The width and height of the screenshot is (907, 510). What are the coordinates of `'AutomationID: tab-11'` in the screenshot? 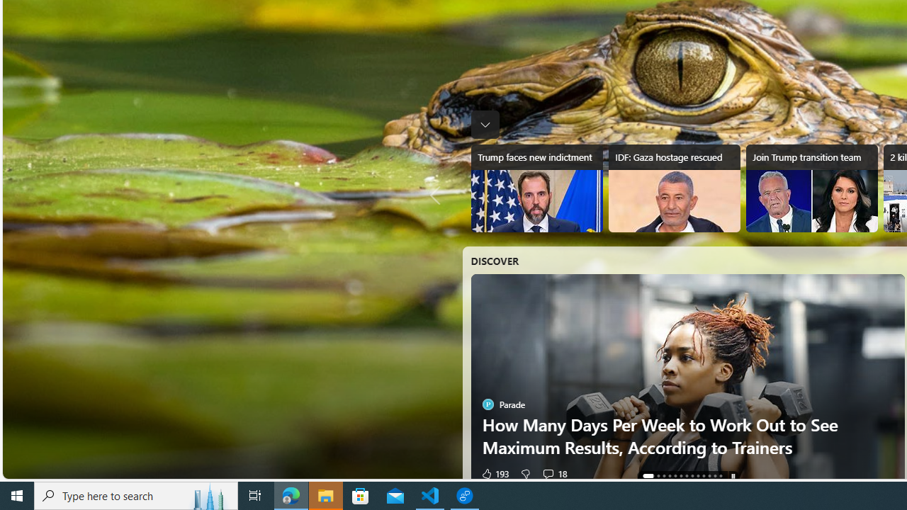 It's located at (714, 476).